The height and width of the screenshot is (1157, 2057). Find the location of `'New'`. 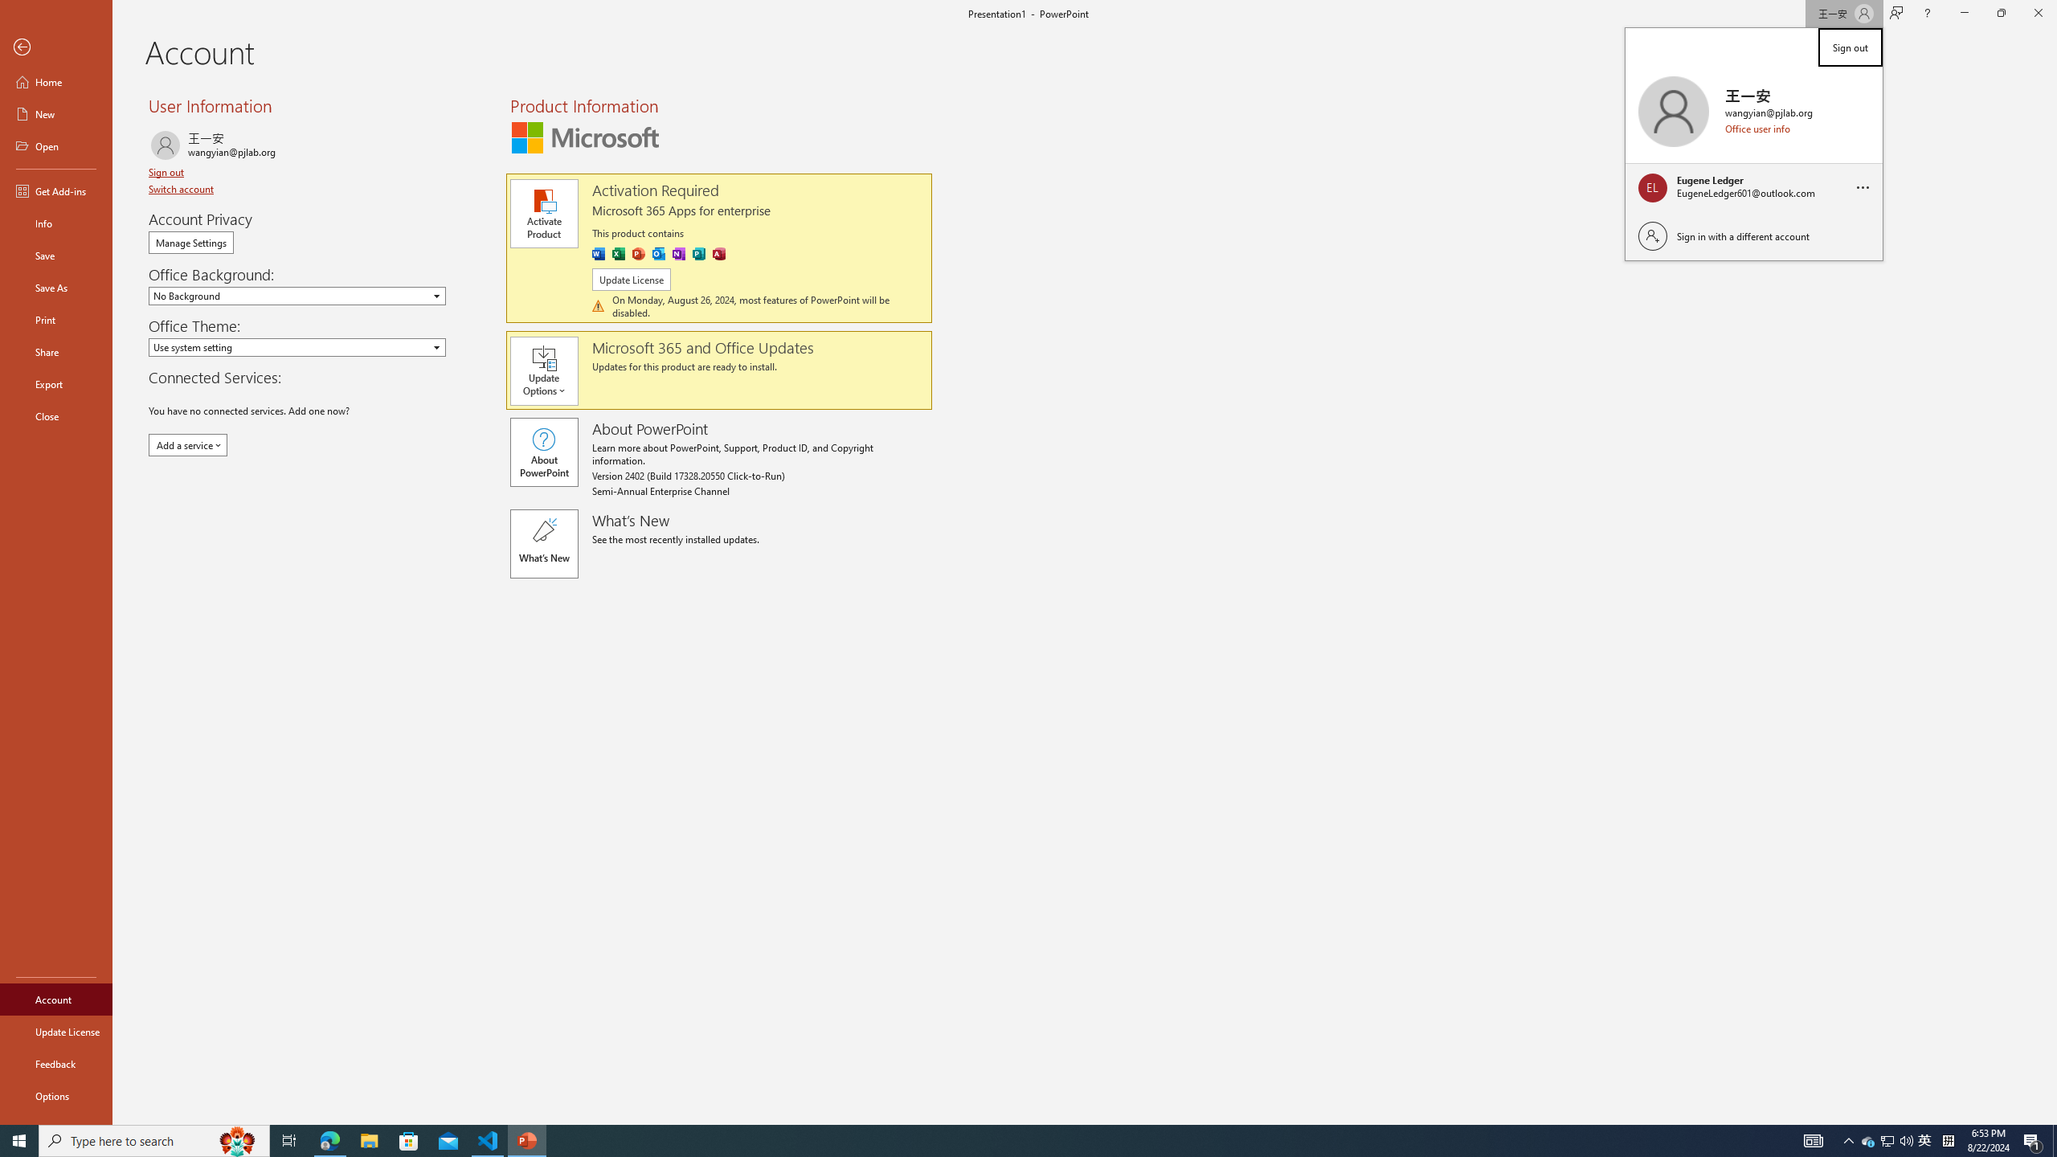

'New' is located at coordinates (55, 113).